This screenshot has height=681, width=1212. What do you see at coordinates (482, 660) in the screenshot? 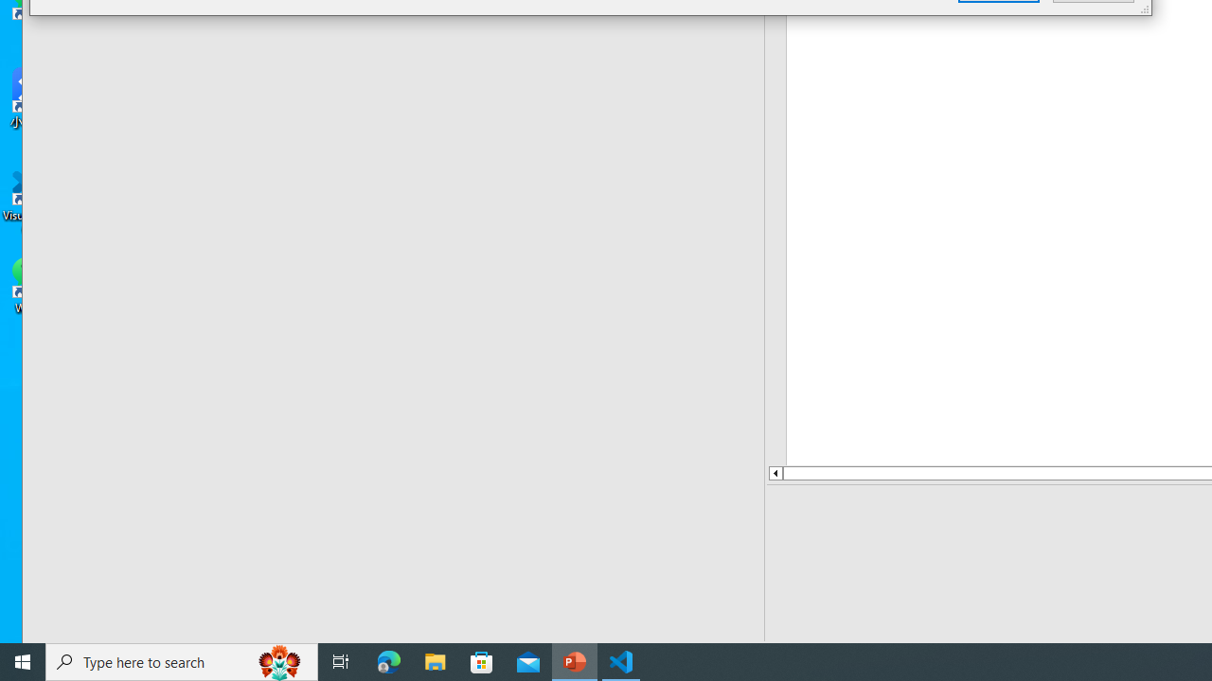
I see `'Microsoft Store'` at bounding box center [482, 660].